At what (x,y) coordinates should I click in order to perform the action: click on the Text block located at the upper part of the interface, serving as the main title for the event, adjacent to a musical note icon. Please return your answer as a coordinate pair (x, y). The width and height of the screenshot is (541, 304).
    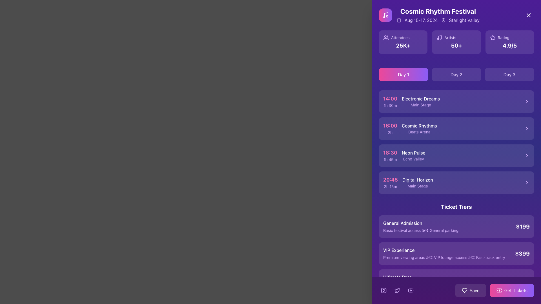
    Looking at the image, I should click on (438, 15).